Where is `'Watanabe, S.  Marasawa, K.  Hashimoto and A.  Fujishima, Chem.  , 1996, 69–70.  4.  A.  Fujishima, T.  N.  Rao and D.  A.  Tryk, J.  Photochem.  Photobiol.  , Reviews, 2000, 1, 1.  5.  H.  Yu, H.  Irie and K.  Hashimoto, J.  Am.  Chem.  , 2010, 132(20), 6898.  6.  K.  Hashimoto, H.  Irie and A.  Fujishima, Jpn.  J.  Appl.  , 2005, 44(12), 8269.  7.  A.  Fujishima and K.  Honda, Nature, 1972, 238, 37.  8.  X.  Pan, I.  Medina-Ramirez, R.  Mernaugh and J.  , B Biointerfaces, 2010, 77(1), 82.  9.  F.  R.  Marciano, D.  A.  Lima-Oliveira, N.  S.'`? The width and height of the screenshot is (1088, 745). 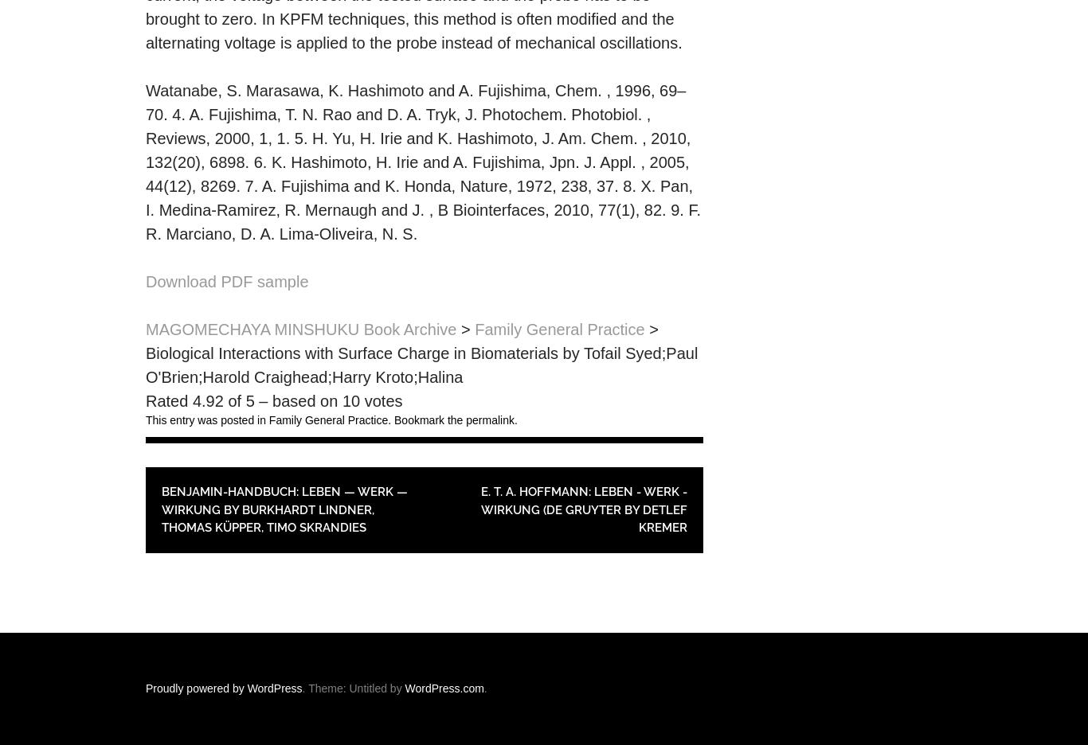 'Watanabe, S.  Marasawa, K.  Hashimoto and A.  Fujishima, Chem.  , 1996, 69–70.  4.  A.  Fujishima, T.  N.  Rao and D.  A.  Tryk, J.  Photochem.  Photobiol.  , Reviews, 2000, 1, 1.  5.  H.  Yu, H.  Irie and K.  Hashimoto, J.  Am.  Chem.  , 2010, 132(20), 6898.  6.  K.  Hashimoto, H.  Irie and A.  Fujishima, Jpn.  J.  Appl.  , 2005, 44(12), 8269.  7.  A.  Fujishima and K.  Honda, Nature, 1972, 238, 37.  8.  X.  Pan, I.  Medina-Ramirez, R.  Mernaugh and J.  , B Biointerfaces, 2010, 77(1), 82.  9.  F.  R.  Marciano, D.  A.  Lima-Oliveira, N.  S.' is located at coordinates (423, 162).